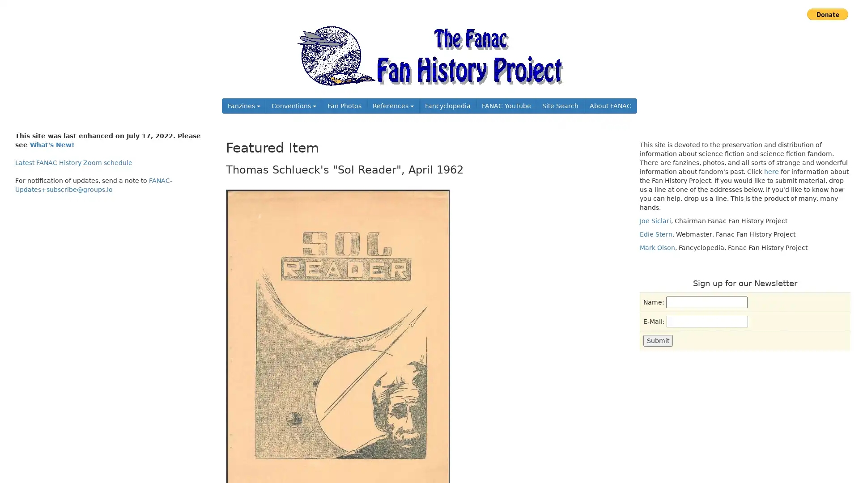  I want to click on Submit, so click(658, 340).